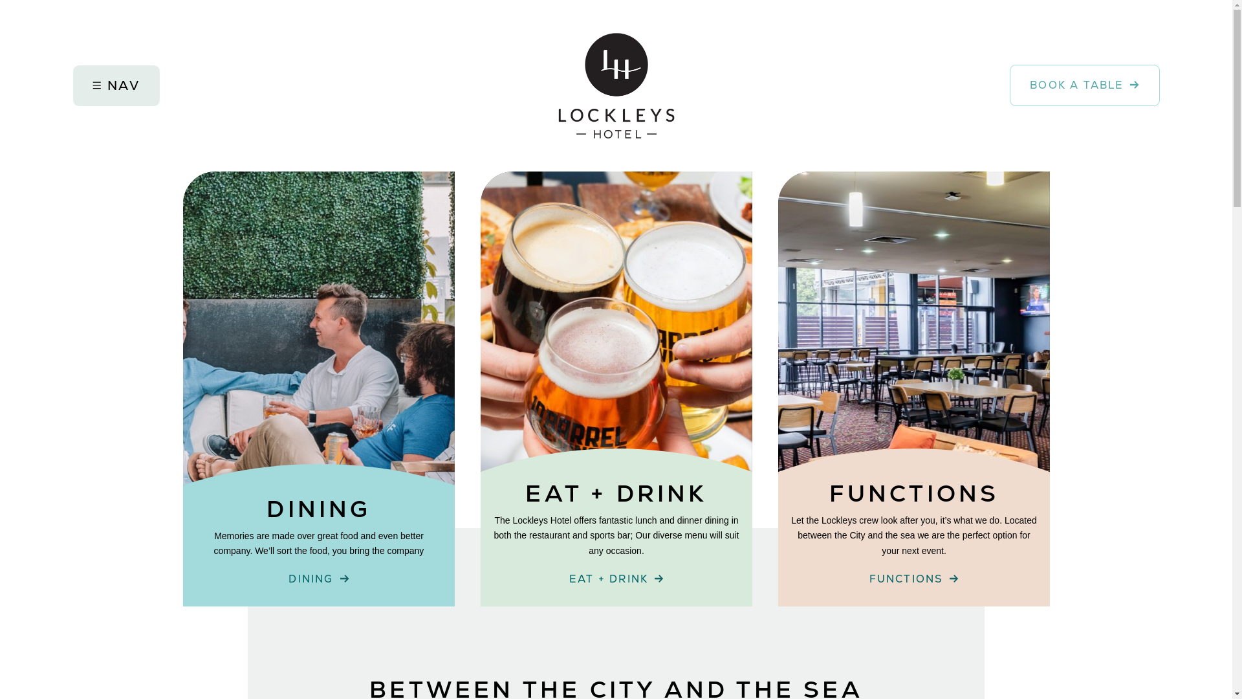 This screenshot has width=1242, height=699. I want to click on 'Lockleys Hotel', so click(558, 85).